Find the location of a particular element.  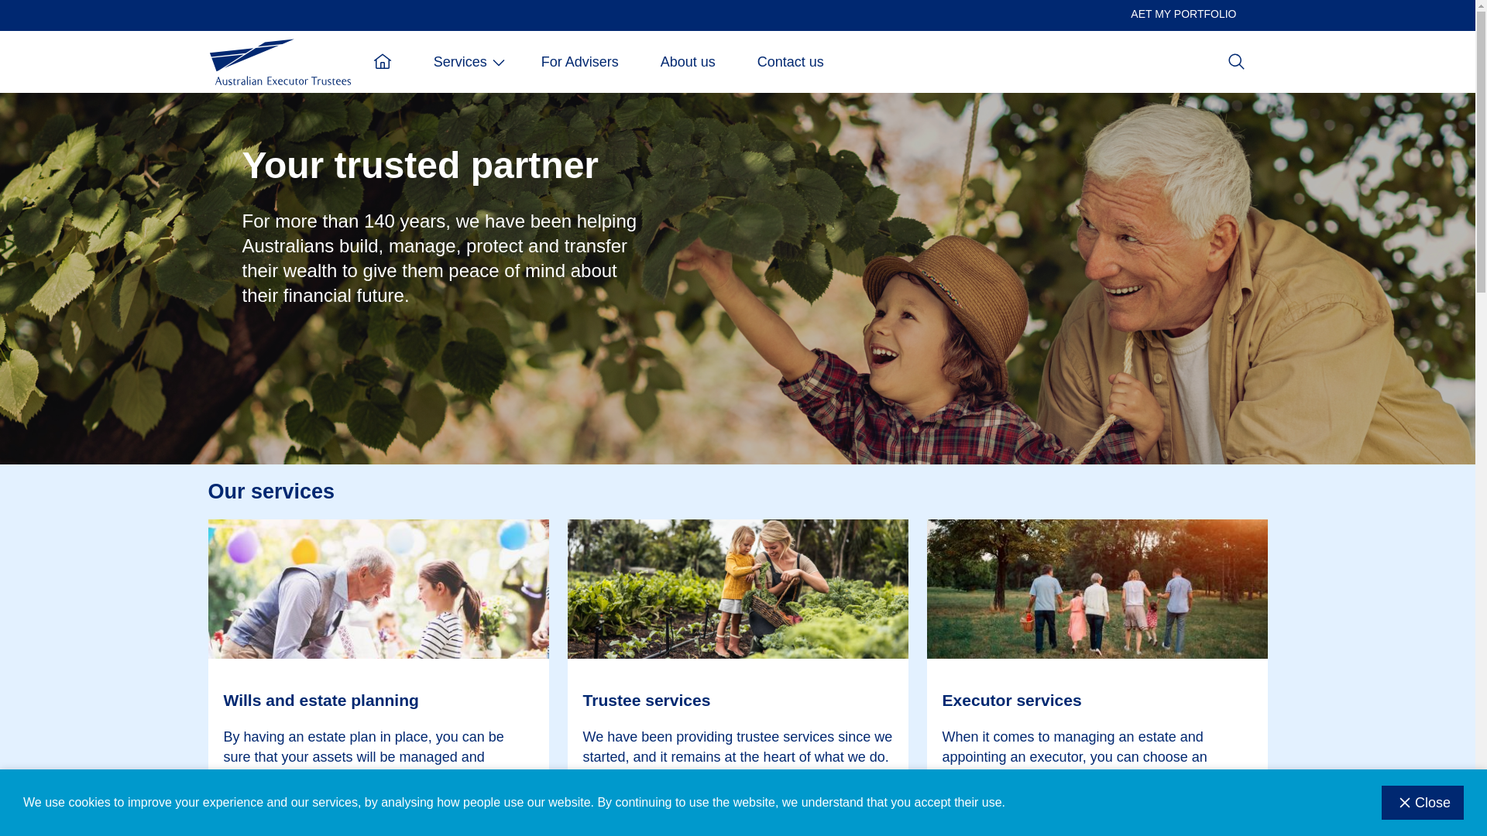

'Show submenu for Services' is located at coordinates (489, 61).